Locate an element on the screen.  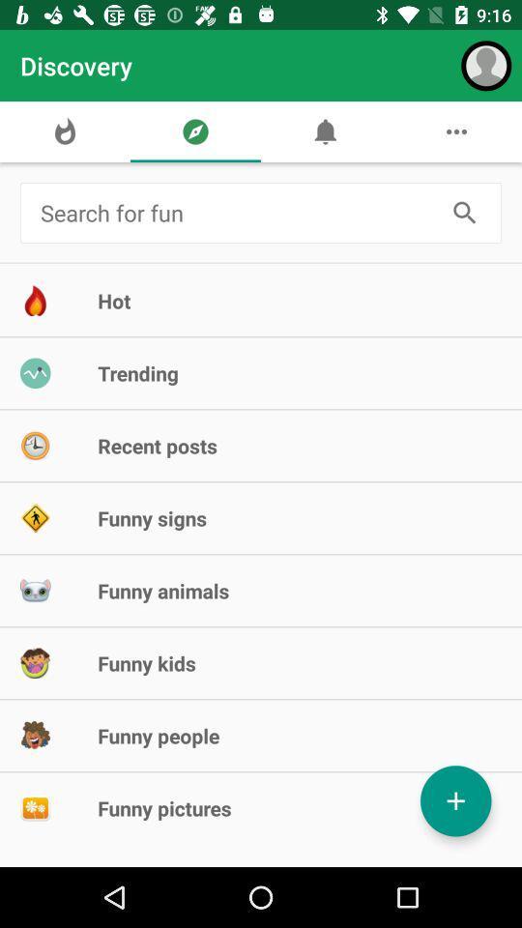
contact button is located at coordinates (455, 800).